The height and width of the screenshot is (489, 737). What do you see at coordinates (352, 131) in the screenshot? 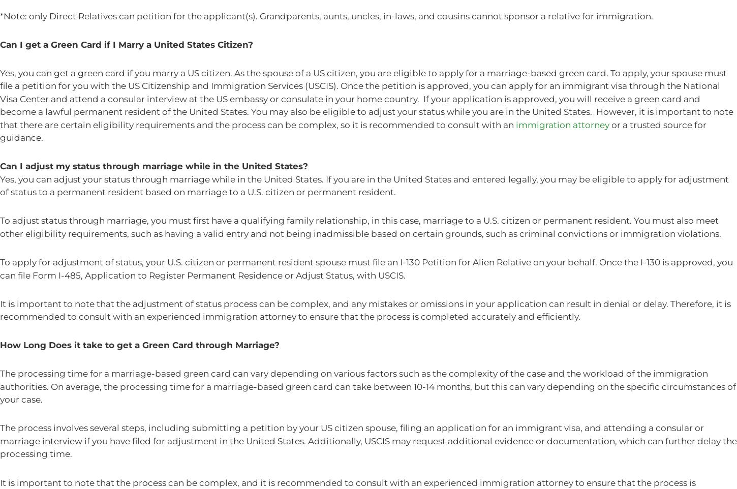
I see `'or a trusted source for guidance.'` at bounding box center [352, 131].